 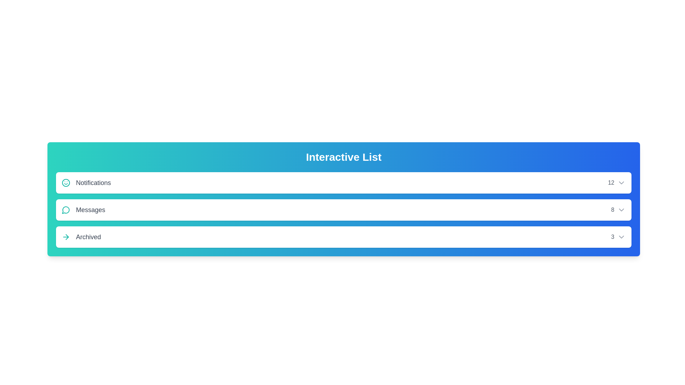 I want to click on the list item Messages to observe hover effects, so click(x=344, y=210).